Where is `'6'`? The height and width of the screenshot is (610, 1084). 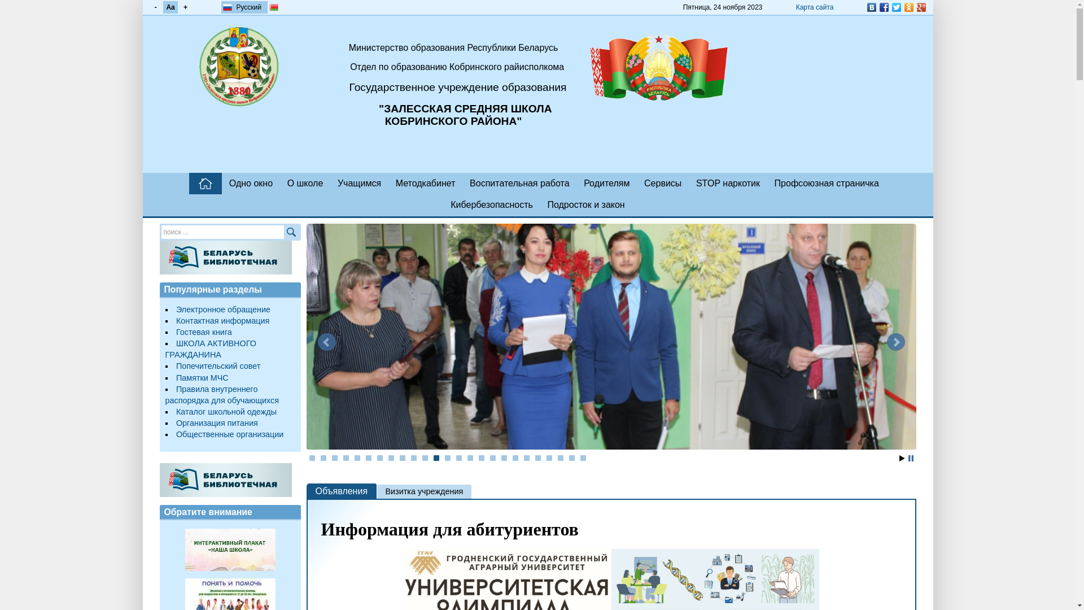
'6' is located at coordinates (368, 457).